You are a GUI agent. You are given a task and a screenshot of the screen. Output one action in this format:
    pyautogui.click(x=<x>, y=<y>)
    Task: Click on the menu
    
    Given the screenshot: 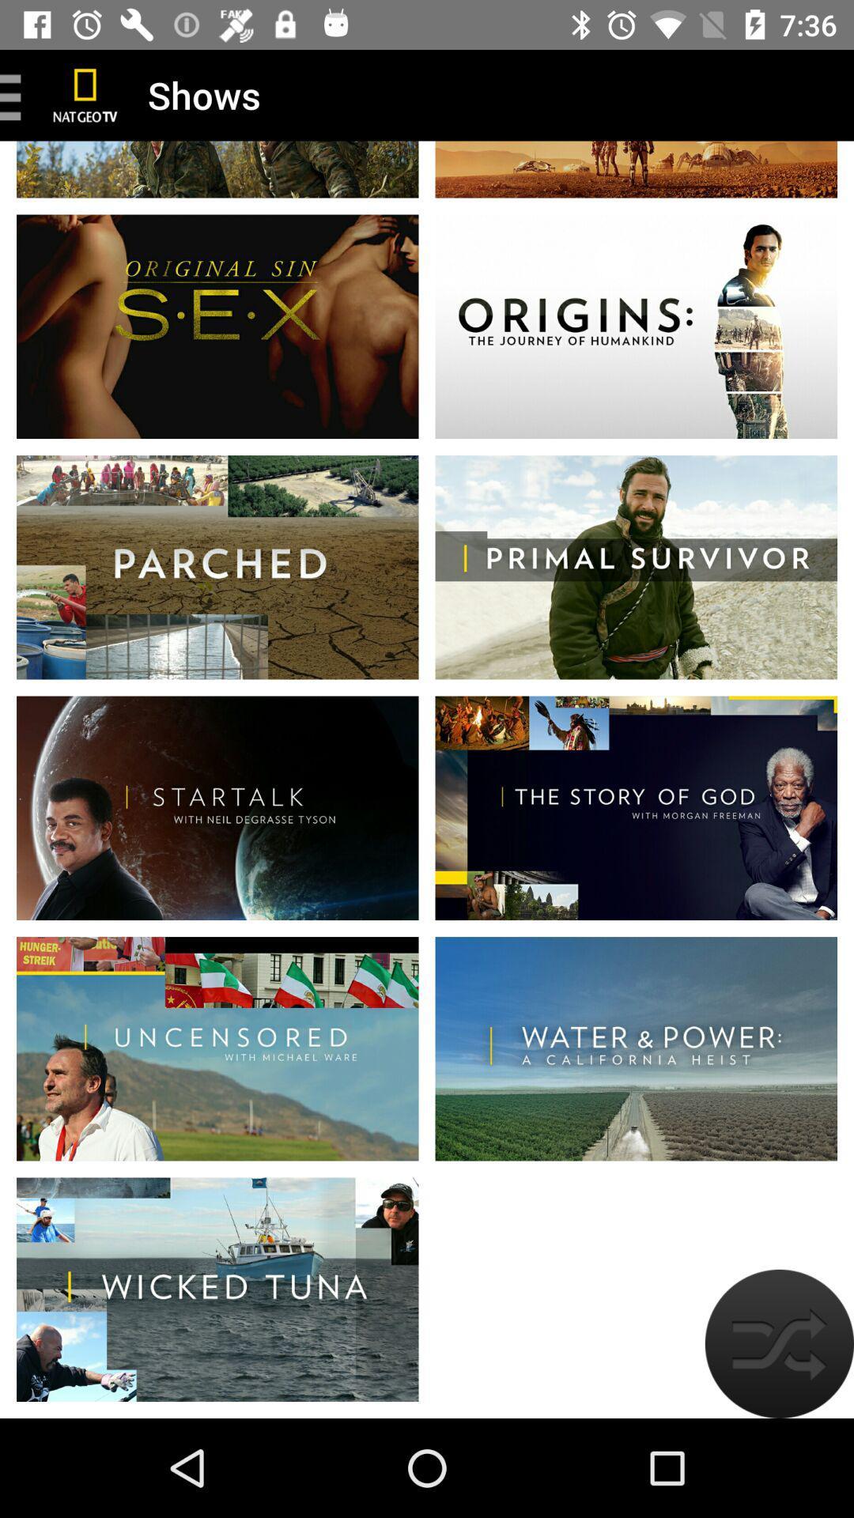 What is the action you would take?
    pyautogui.click(x=16, y=94)
    